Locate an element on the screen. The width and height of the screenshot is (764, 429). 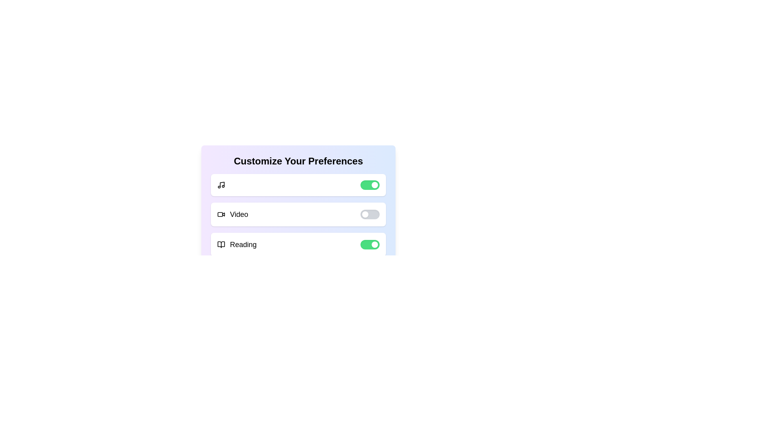
the icon next to Video is located at coordinates (221, 214).